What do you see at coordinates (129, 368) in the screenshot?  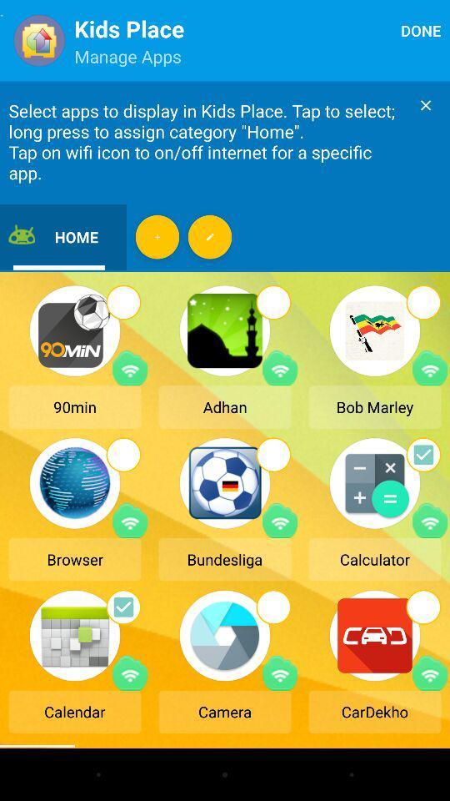 I see `to on/off wifi icon for a specific app` at bounding box center [129, 368].